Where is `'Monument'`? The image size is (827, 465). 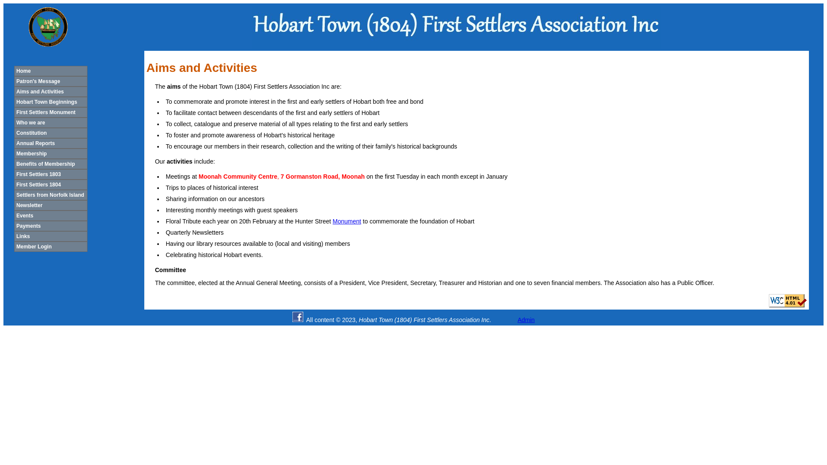 'Monument' is located at coordinates (332, 220).